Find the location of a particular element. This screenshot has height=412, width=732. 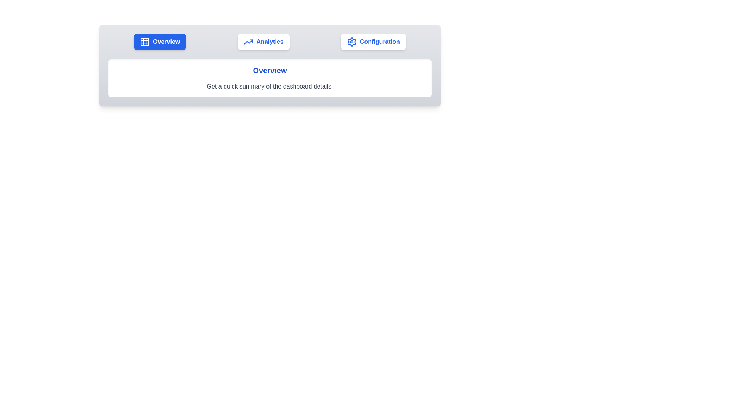

the Overview tab by clicking on it is located at coordinates (159, 42).